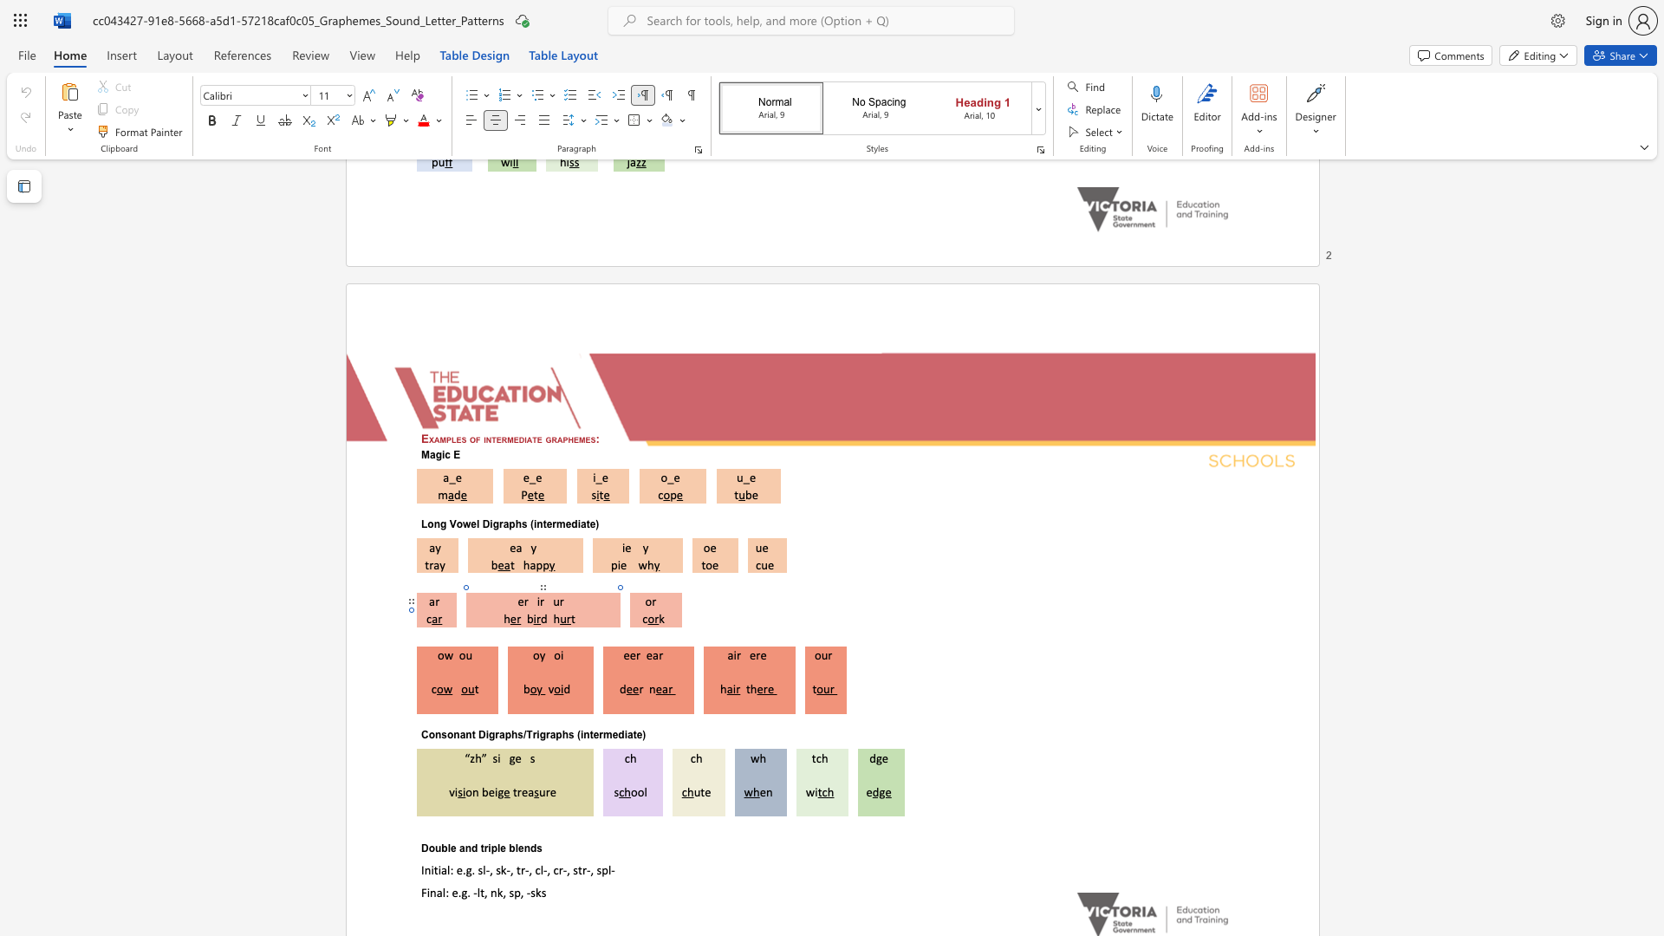 Image resolution: width=1664 pixels, height=936 pixels. I want to click on the space between the continuous character "e" and "r" in the text, so click(755, 655).